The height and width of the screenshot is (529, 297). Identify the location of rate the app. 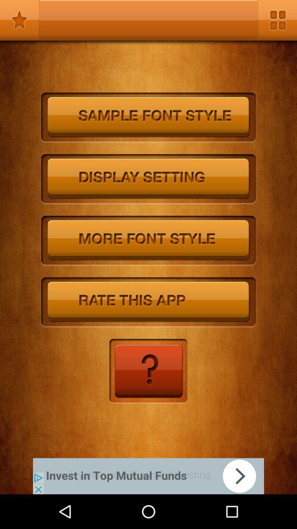
(148, 302).